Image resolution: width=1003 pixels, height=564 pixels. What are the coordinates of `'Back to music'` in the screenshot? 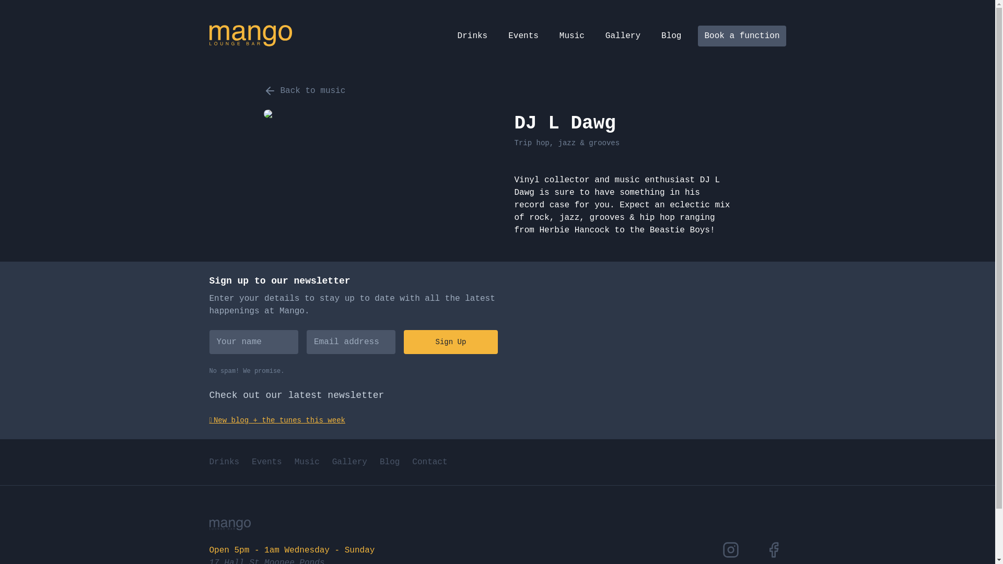 It's located at (304, 90).